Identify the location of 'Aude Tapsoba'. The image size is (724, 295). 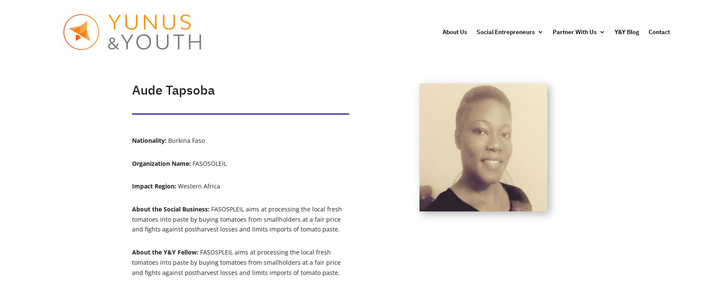
(172, 90).